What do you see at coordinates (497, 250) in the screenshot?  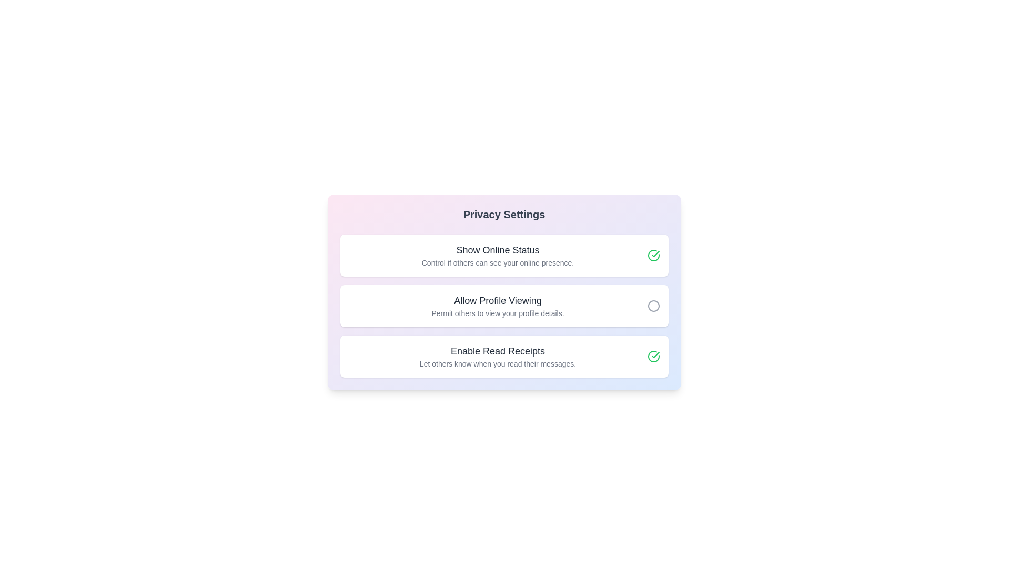 I see `the text of the label and description for the option Show Online Status` at bounding box center [497, 250].